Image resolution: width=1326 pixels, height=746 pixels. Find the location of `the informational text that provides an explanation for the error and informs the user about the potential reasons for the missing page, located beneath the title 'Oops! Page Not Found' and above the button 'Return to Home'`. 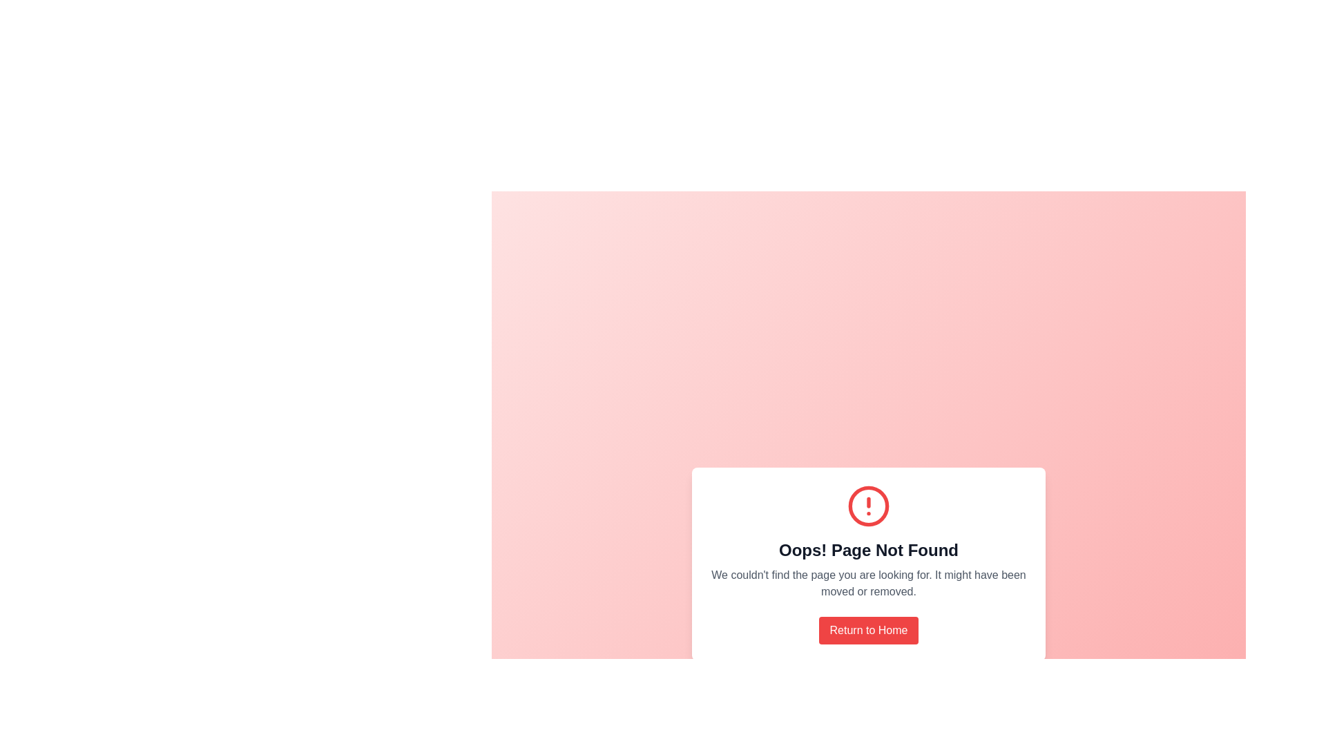

the informational text that provides an explanation for the error and informs the user about the potential reasons for the missing page, located beneath the title 'Oops! Page Not Found' and above the button 'Return to Home' is located at coordinates (867, 583).